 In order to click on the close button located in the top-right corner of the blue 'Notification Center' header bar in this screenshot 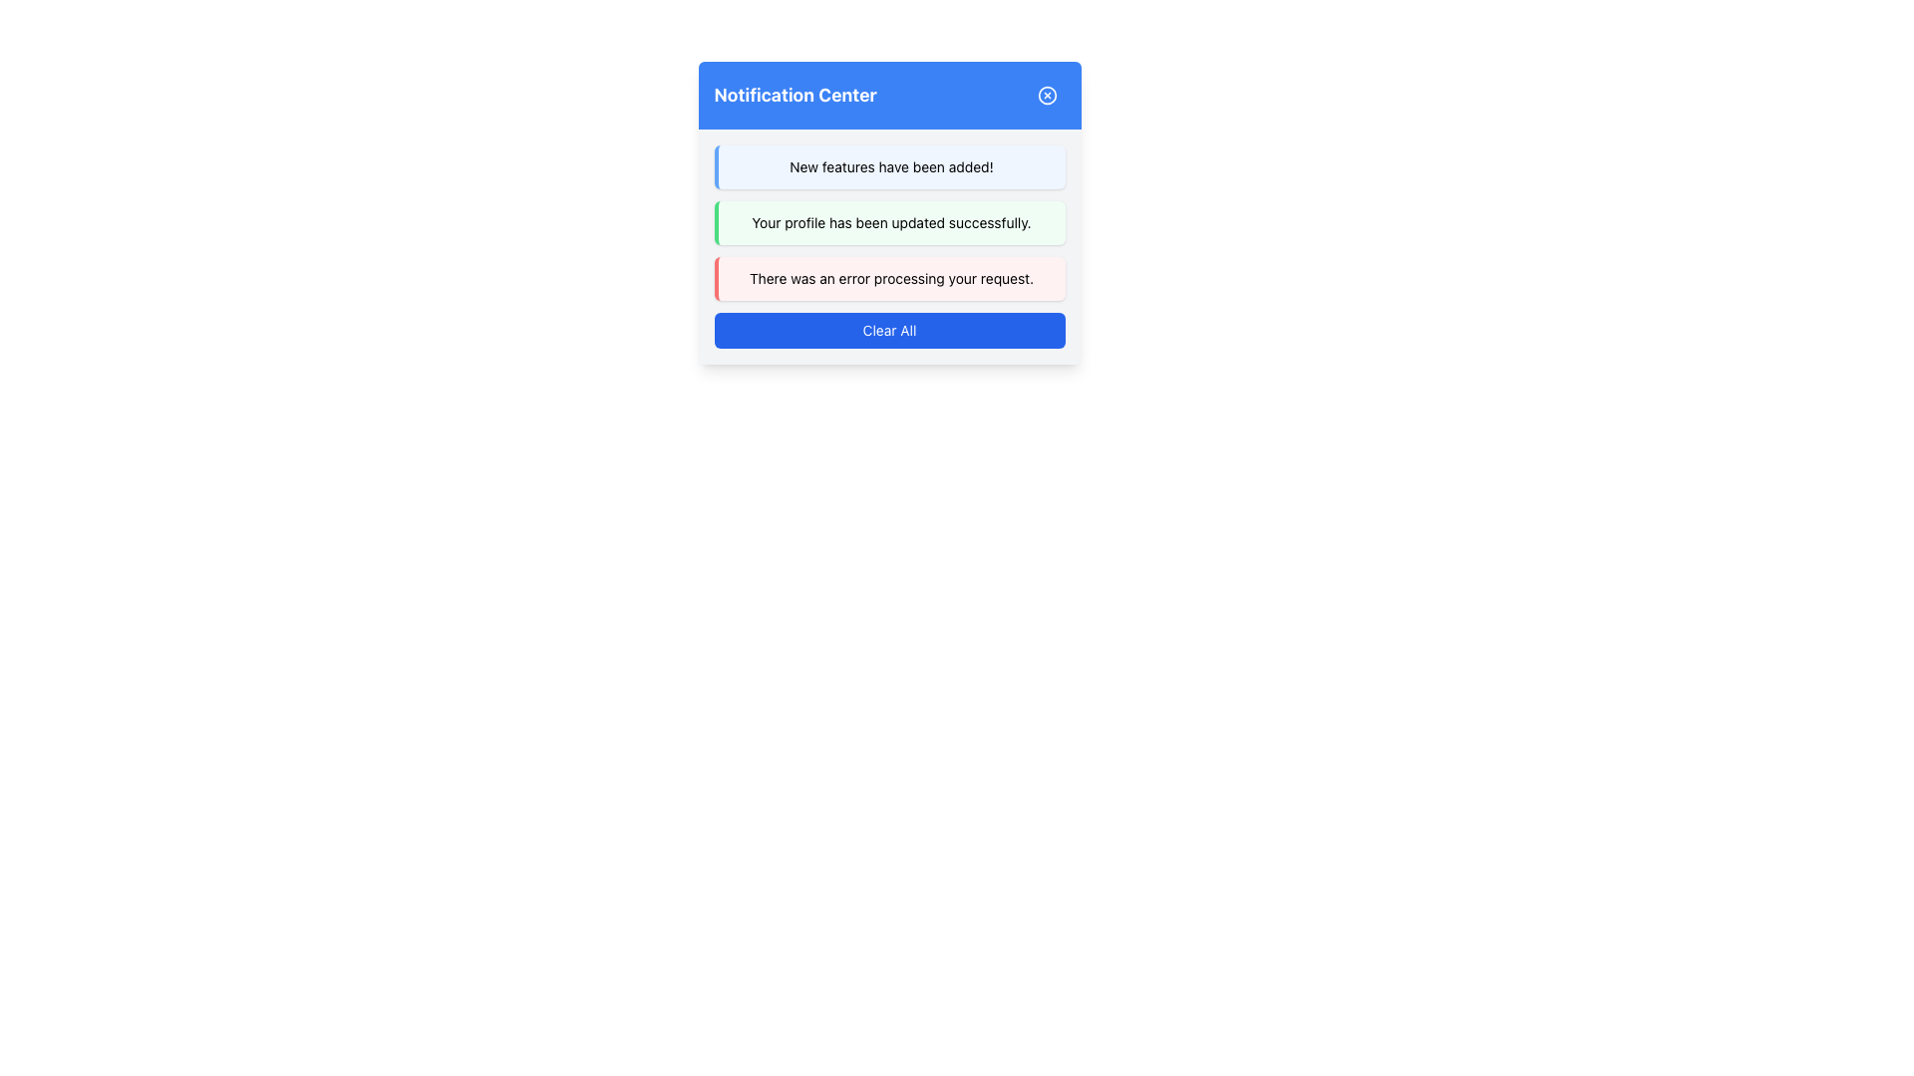, I will do `click(1046, 96)`.